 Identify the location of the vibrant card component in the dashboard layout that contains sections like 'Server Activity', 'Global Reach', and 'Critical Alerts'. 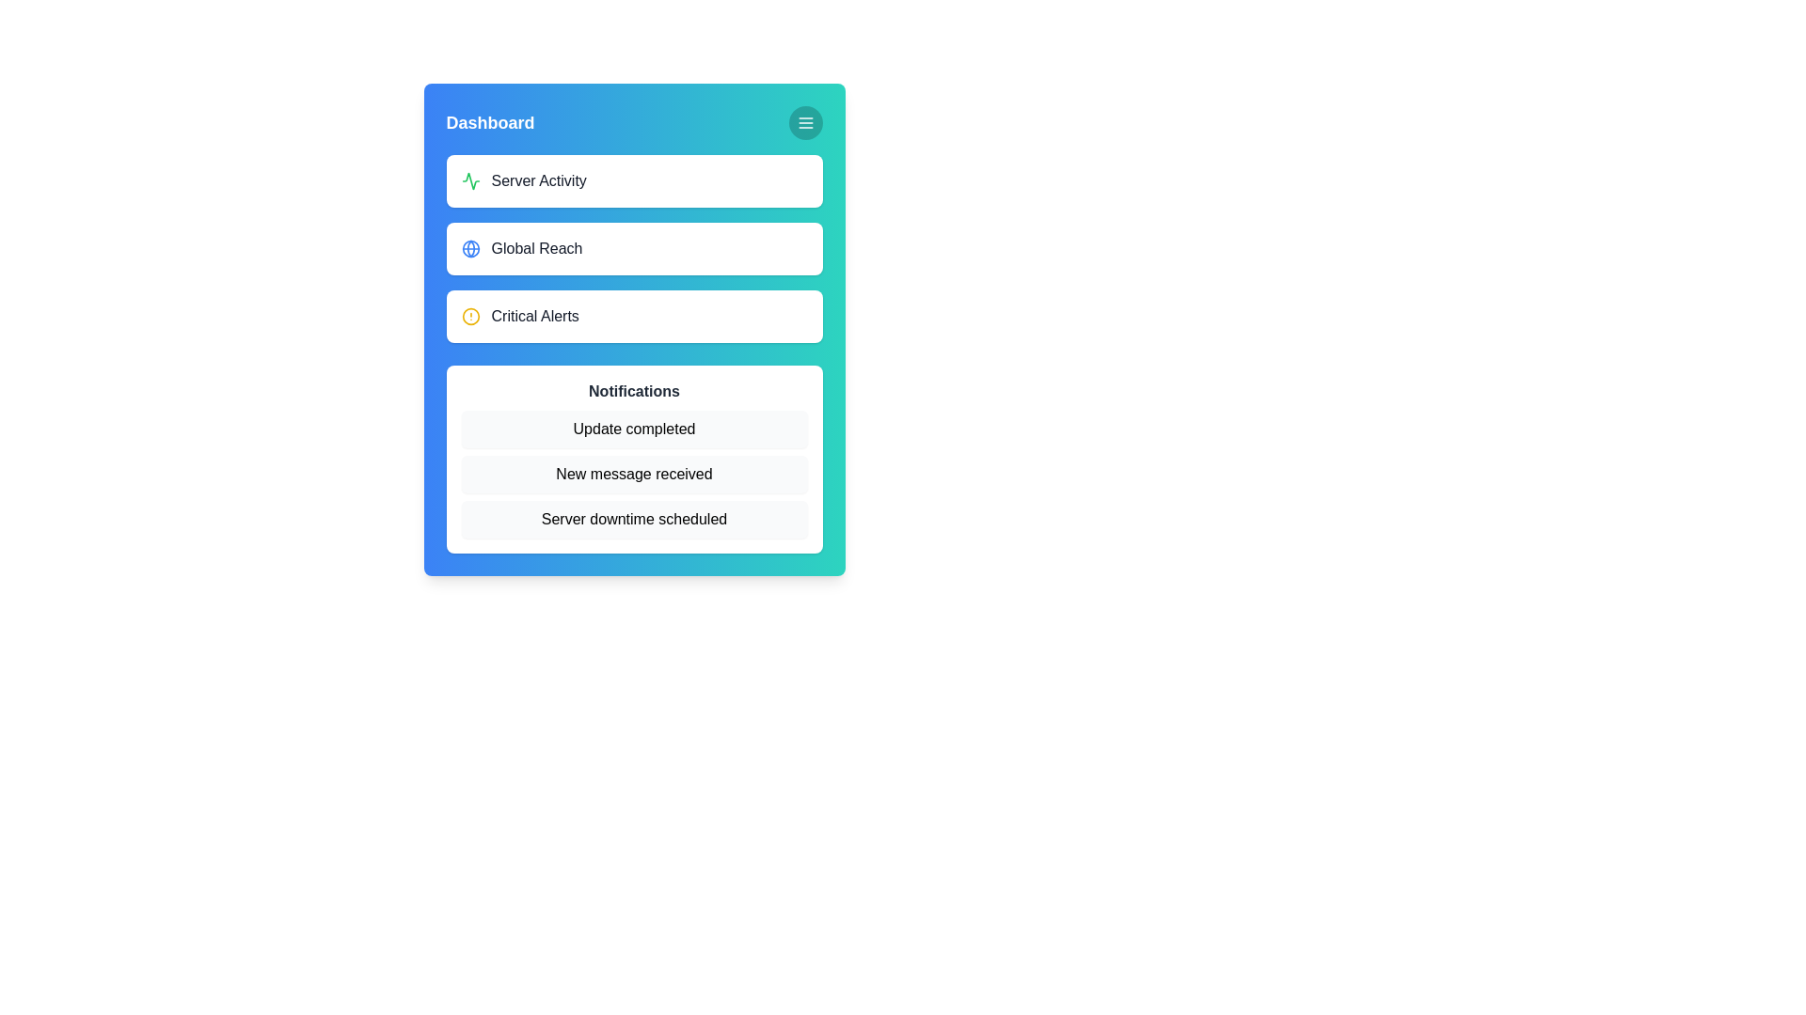
(634, 329).